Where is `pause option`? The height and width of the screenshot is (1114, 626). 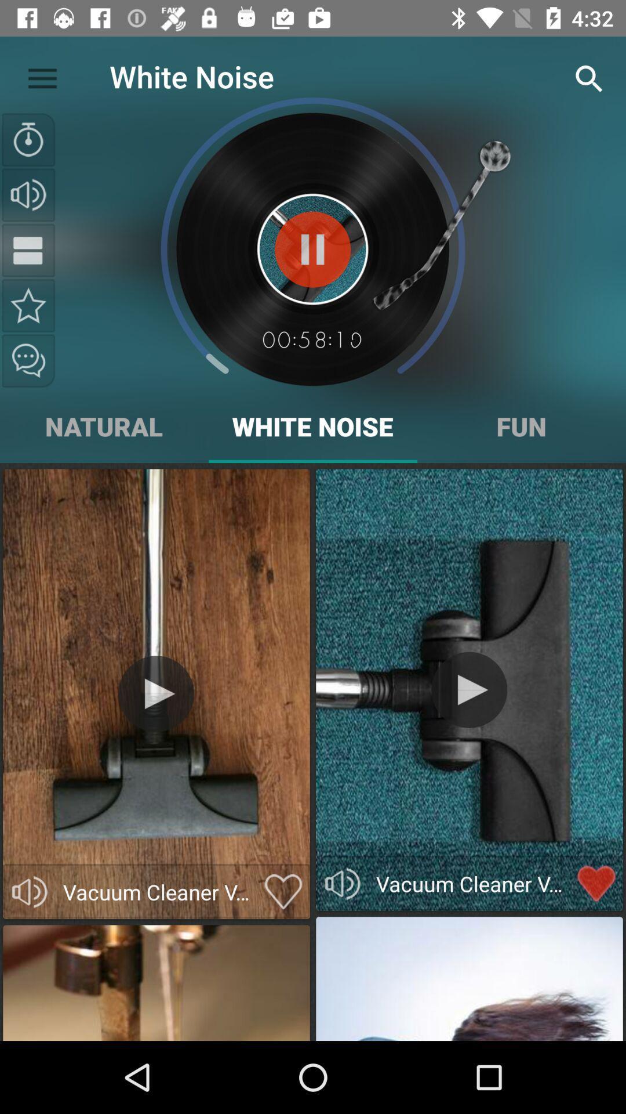 pause option is located at coordinates (28, 249).